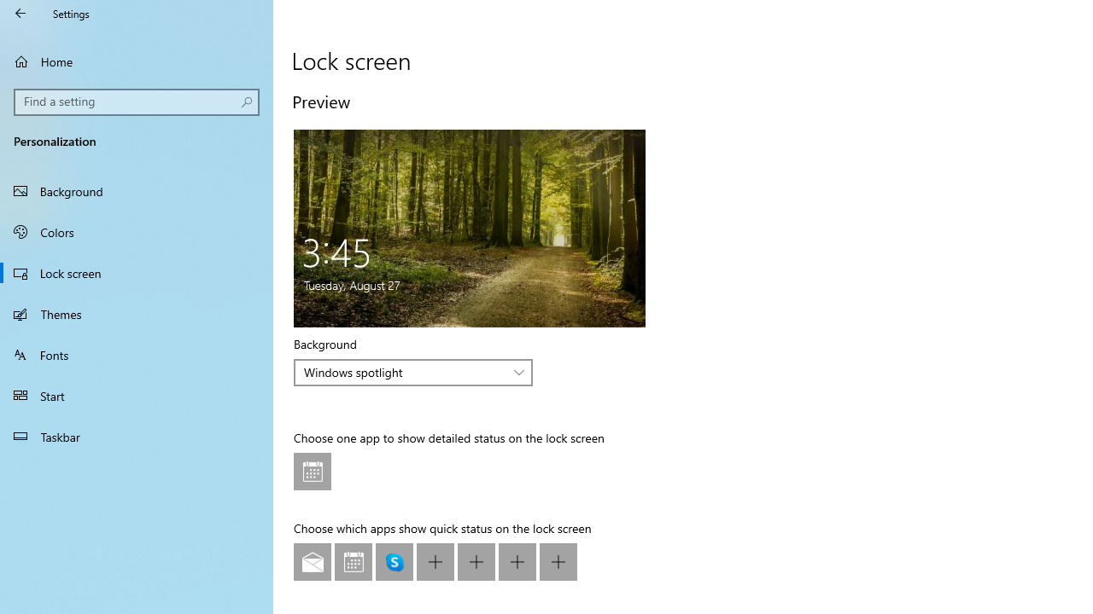  What do you see at coordinates (137, 190) in the screenshot?
I see `'Background'` at bounding box center [137, 190].